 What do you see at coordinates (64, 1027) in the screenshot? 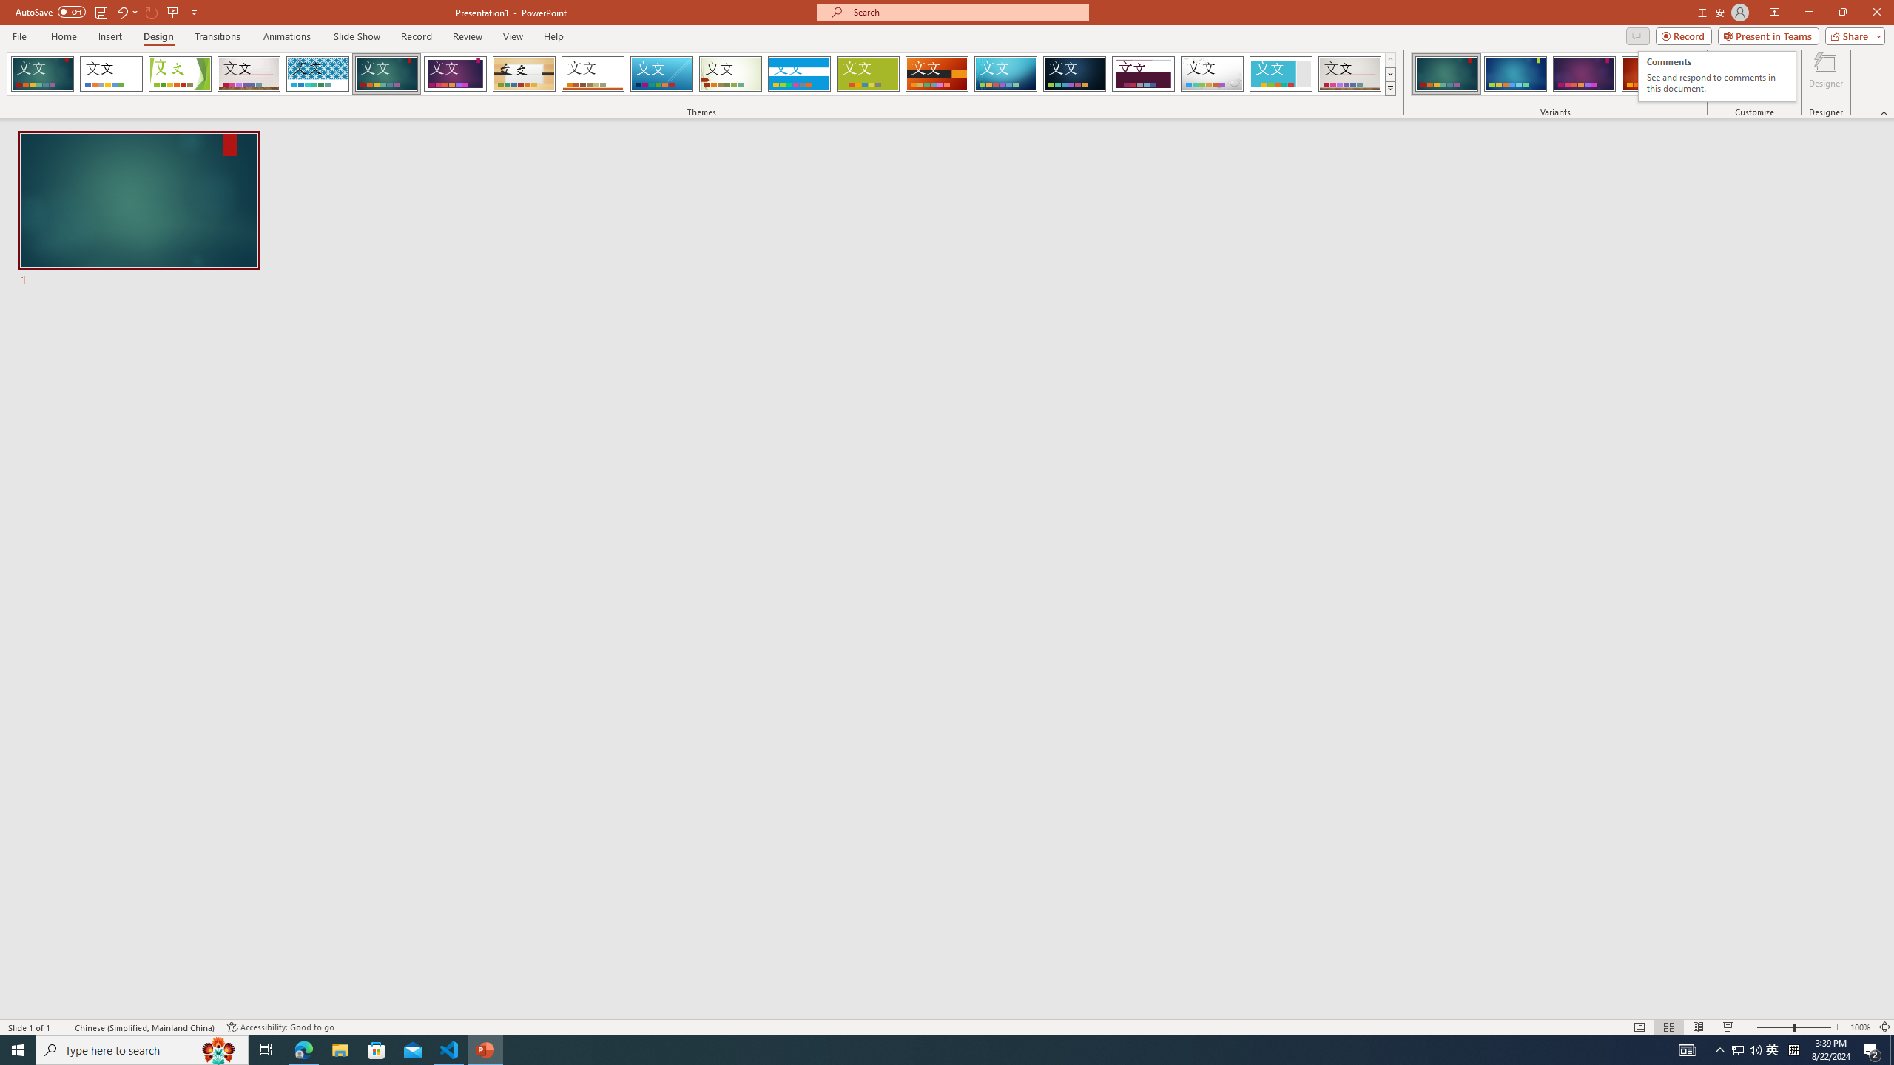
I see `'Spell Check '` at bounding box center [64, 1027].